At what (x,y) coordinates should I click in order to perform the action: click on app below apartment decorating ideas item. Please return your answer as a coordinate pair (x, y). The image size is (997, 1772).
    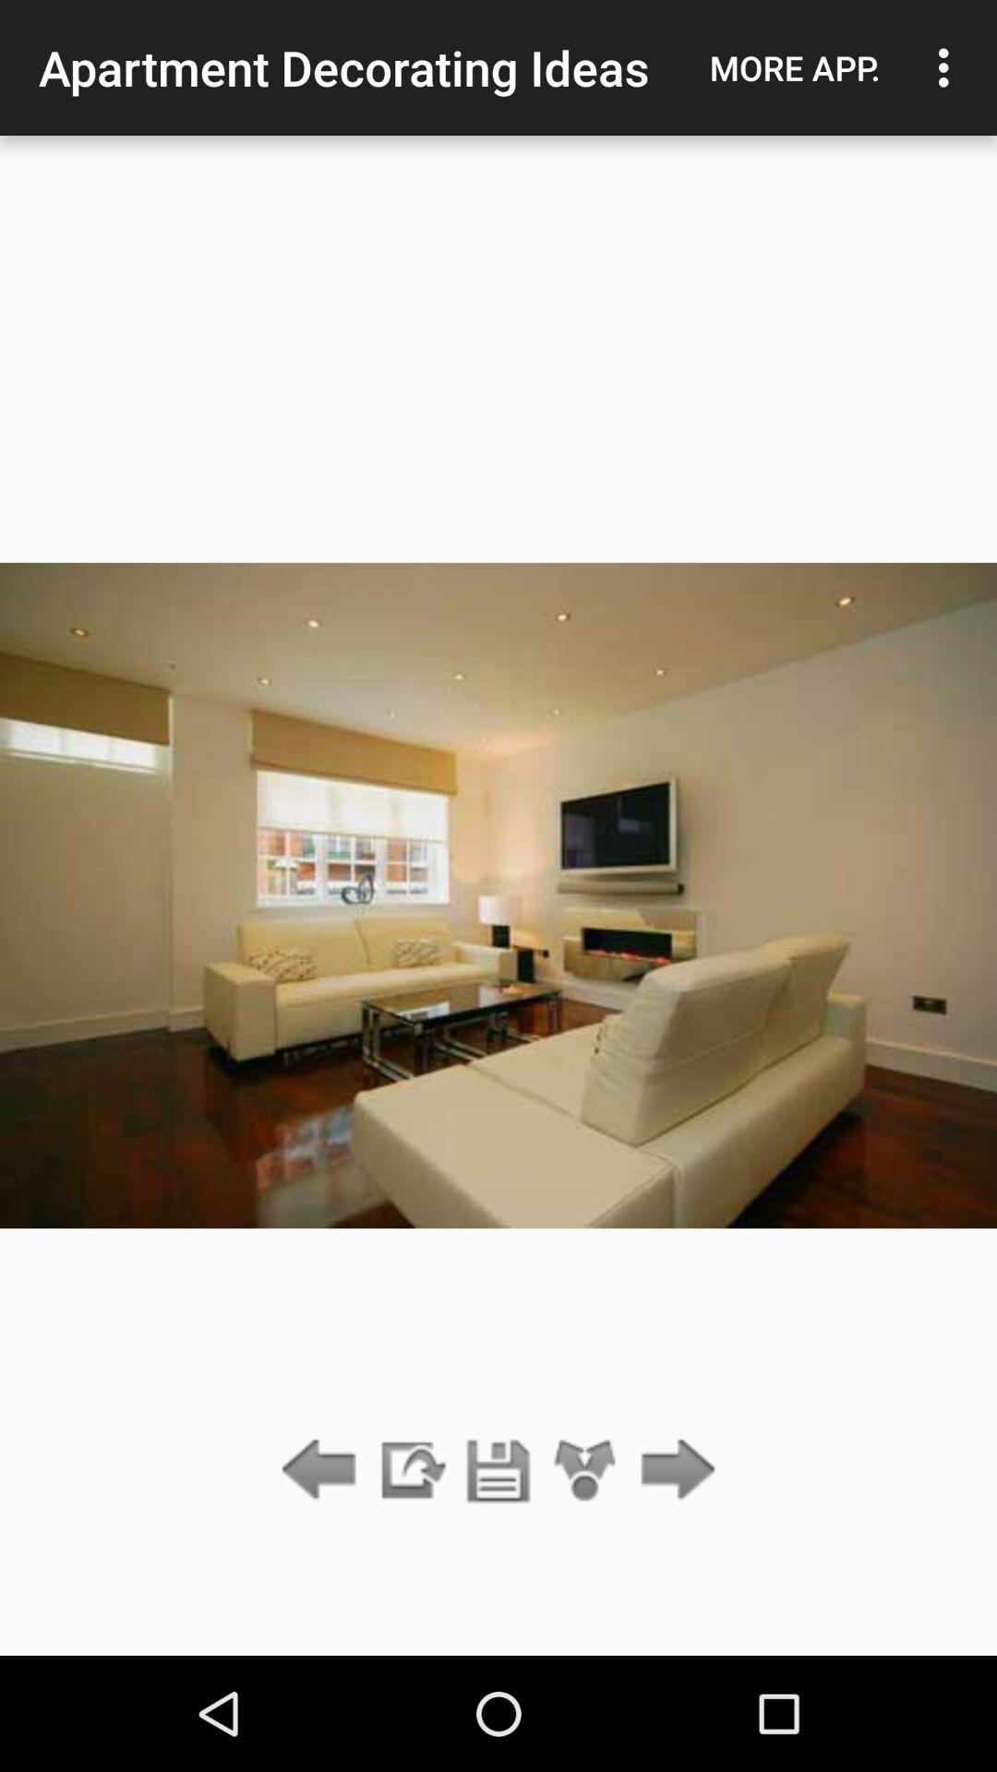
    Looking at the image, I should click on (498, 1470).